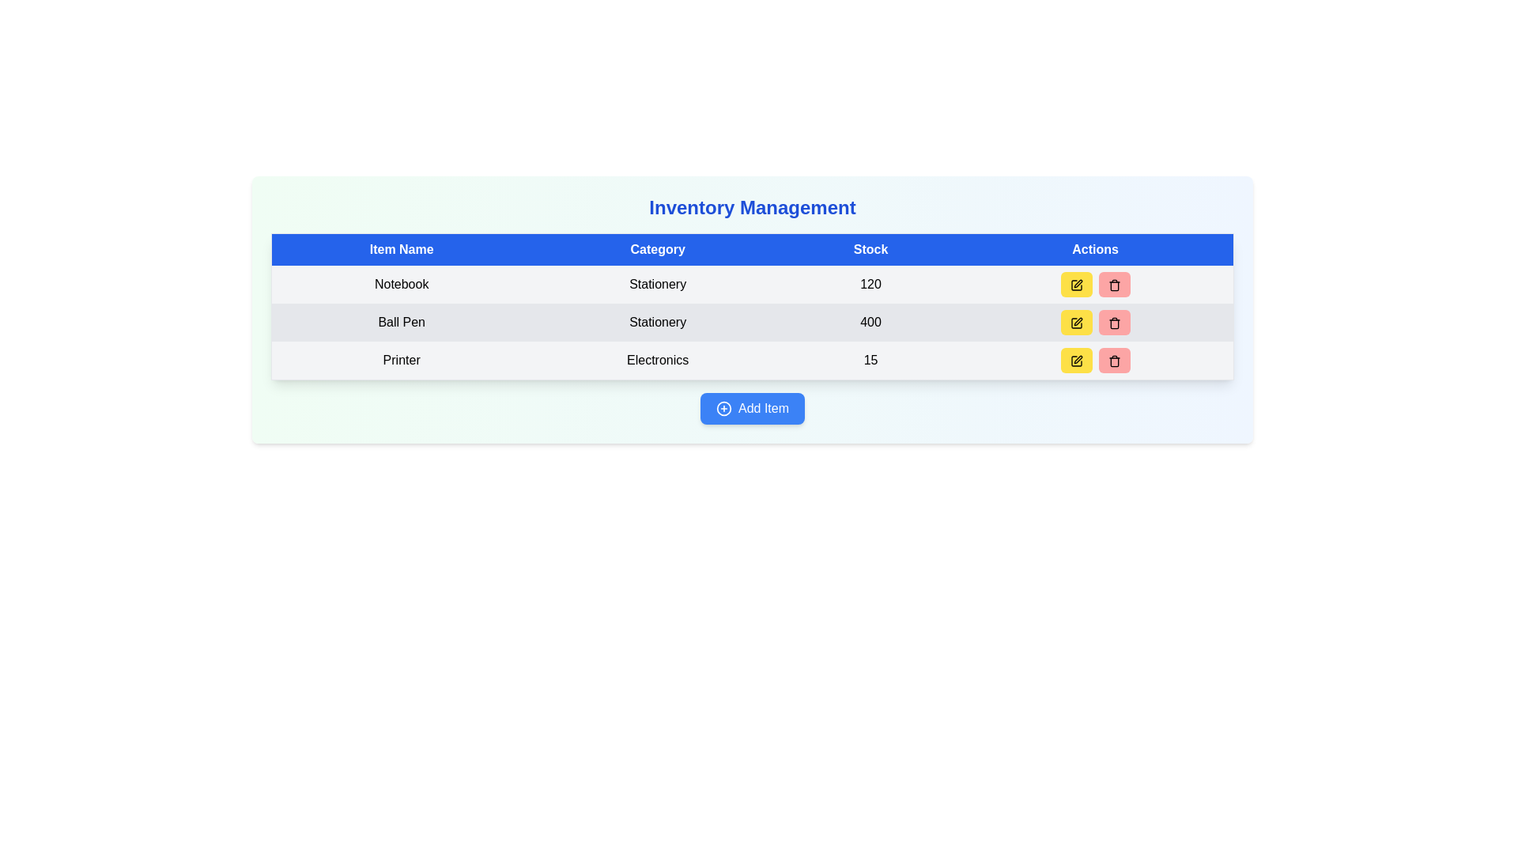  What do you see at coordinates (1113, 286) in the screenshot?
I see `the body of the trash bin icon located in the 'Actions' column of the table row for the 'Notebook' item` at bounding box center [1113, 286].